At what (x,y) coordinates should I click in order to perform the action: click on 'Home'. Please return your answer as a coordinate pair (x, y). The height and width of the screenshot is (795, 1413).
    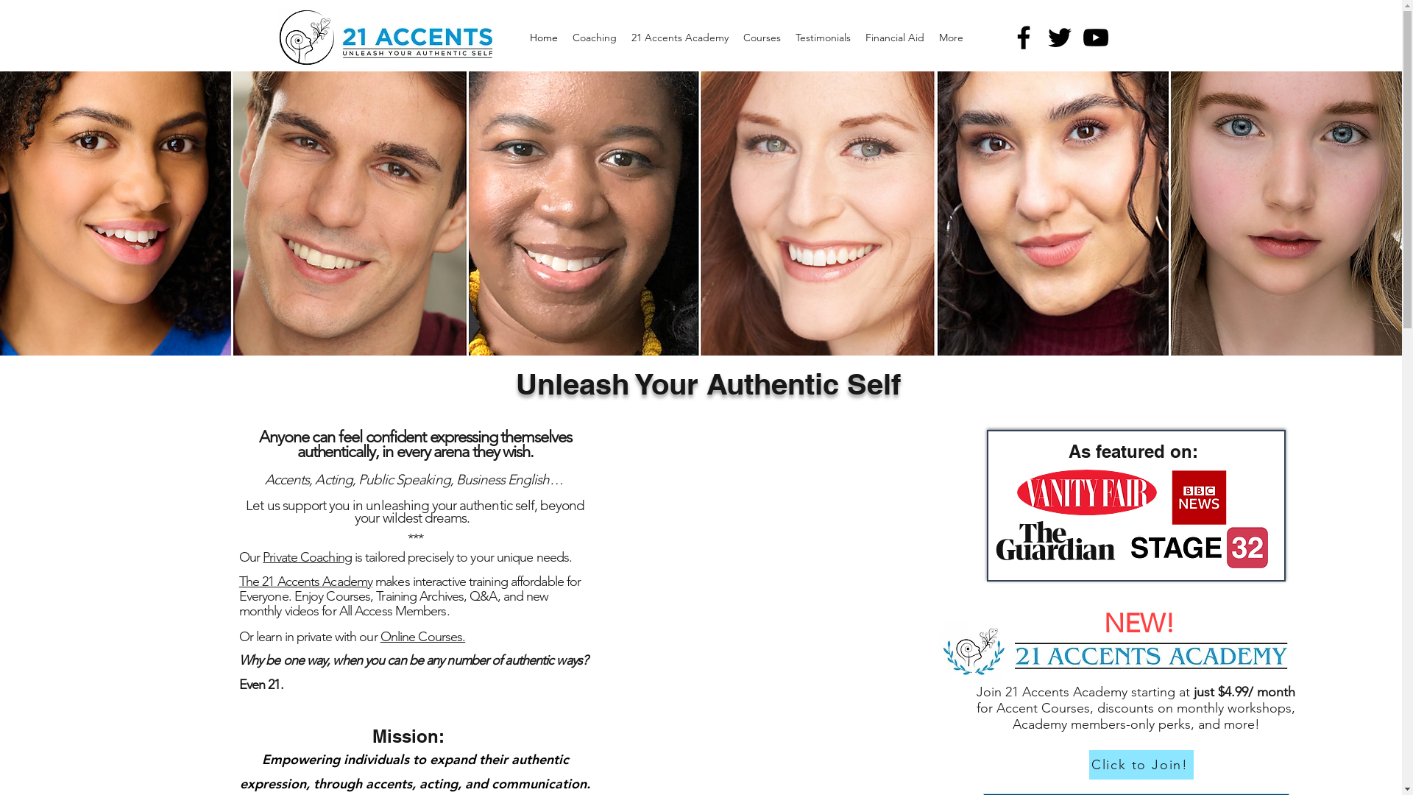
    Looking at the image, I should click on (543, 36).